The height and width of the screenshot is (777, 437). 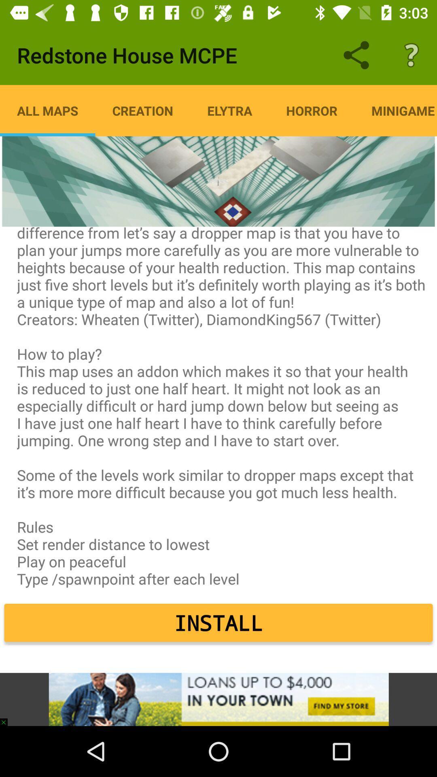 What do you see at coordinates (47, 110) in the screenshot?
I see `all maps item` at bounding box center [47, 110].